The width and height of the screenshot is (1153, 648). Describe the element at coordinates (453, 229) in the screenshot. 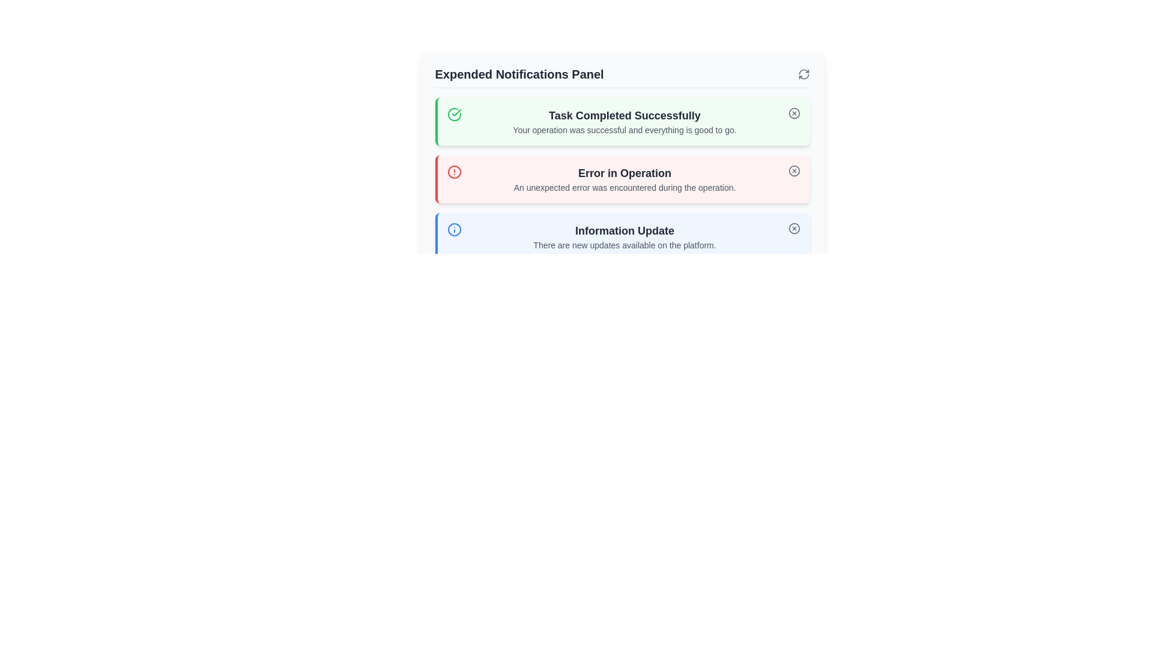

I see `the SVG Circle located centrally within the blue-highlighted information icon in the 'Information Update' notification at the bottom of the notifications panel` at that location.